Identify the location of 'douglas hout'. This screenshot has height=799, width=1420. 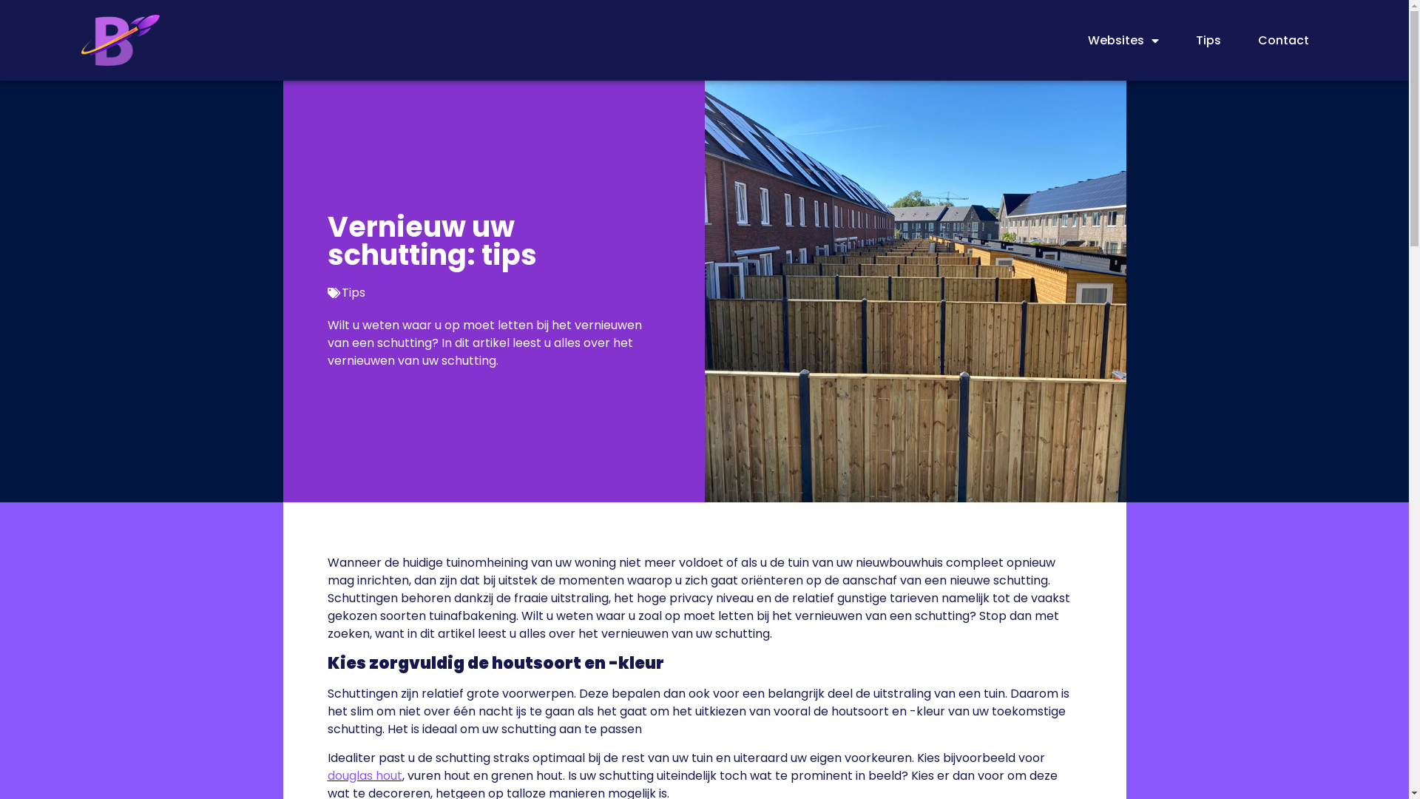
(364, 775).